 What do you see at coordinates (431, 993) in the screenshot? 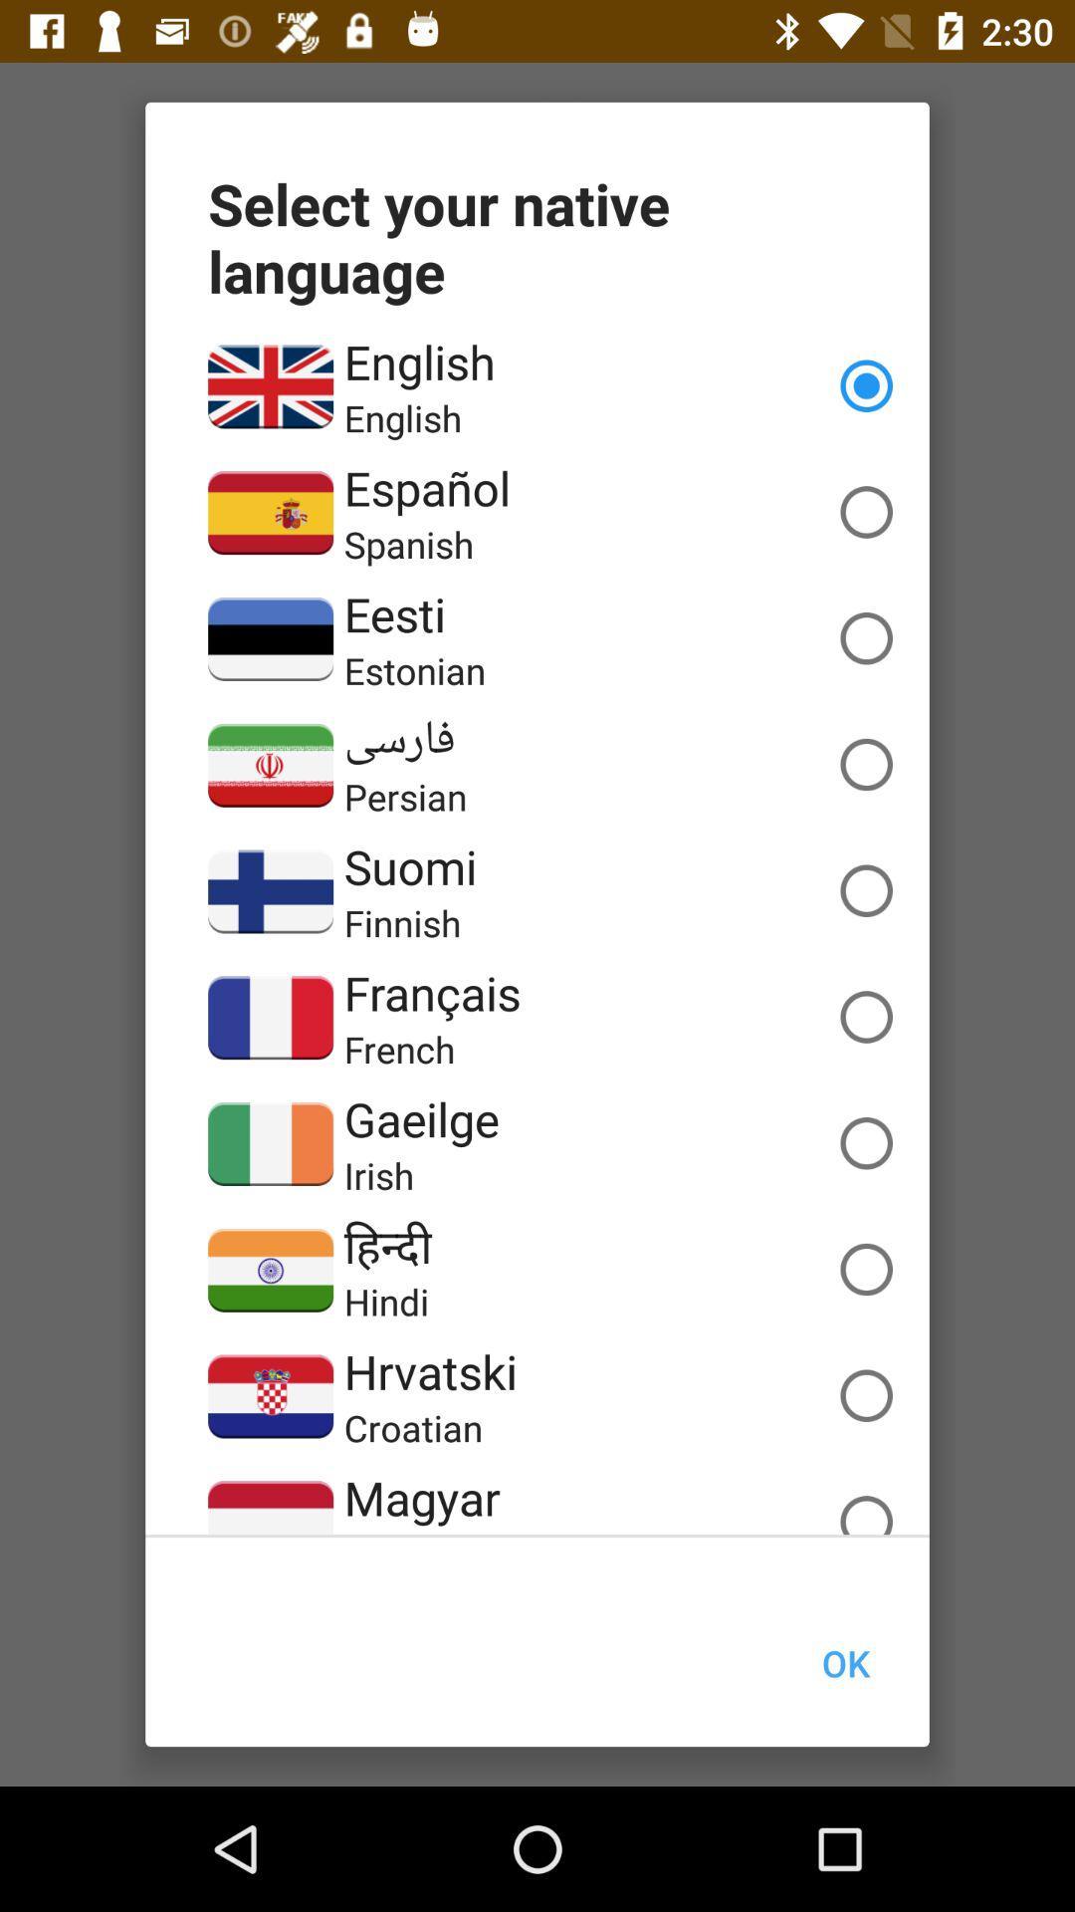
I see `the icon above the french item` at bounding box center [431, 993].